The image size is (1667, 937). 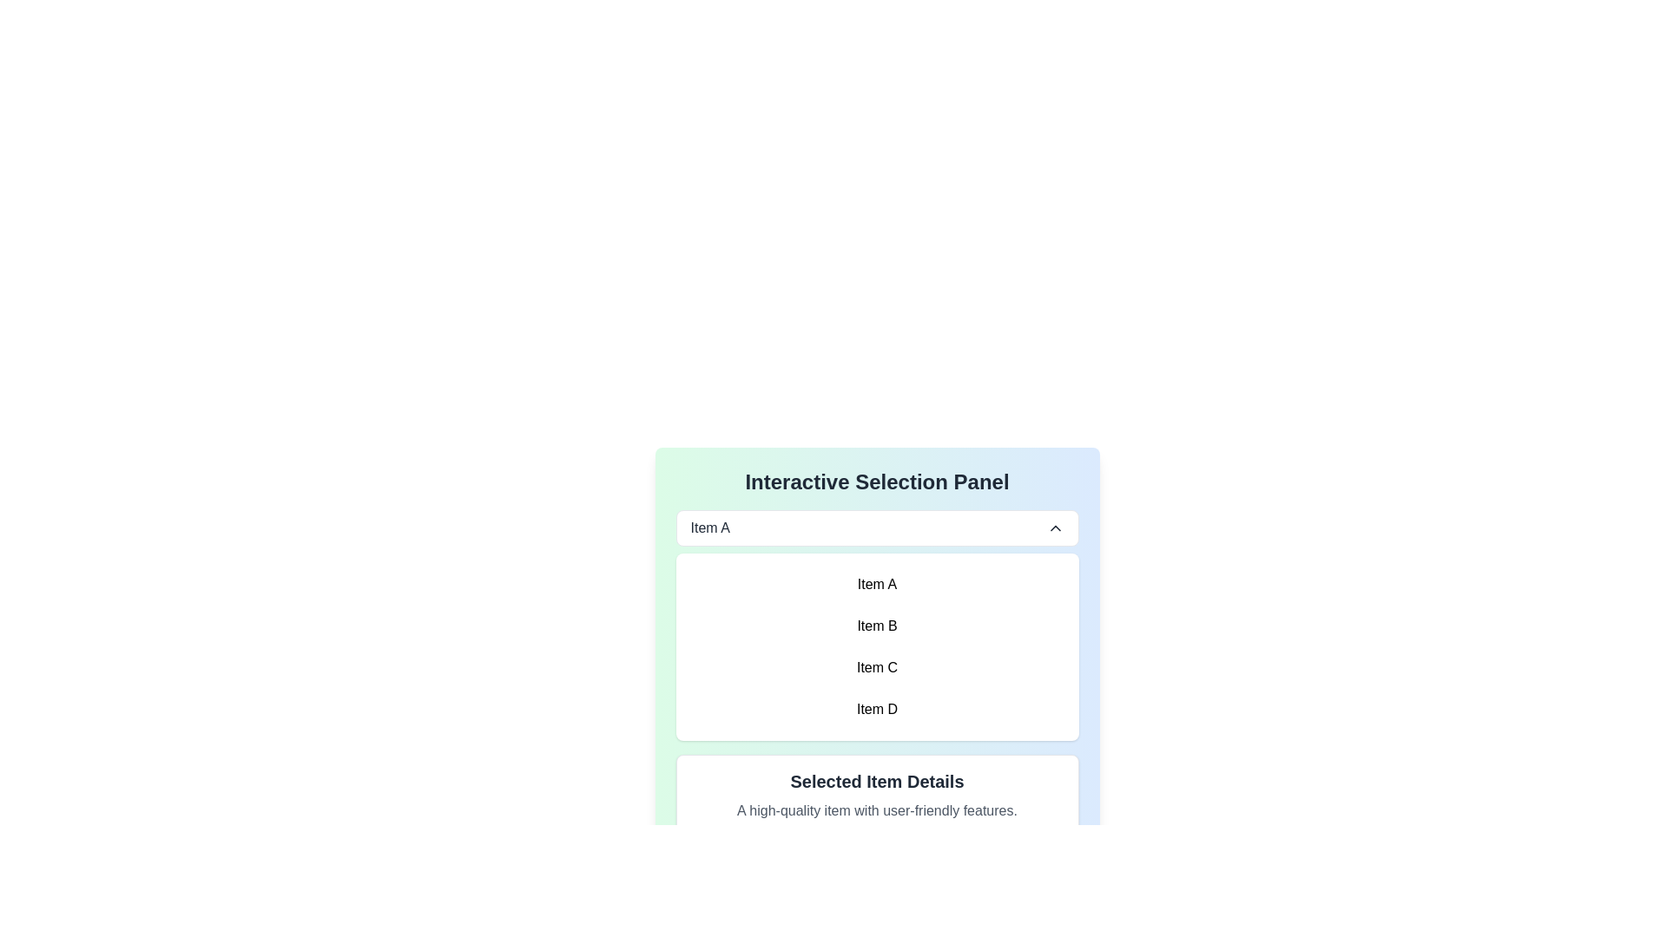 What do you see at coordinates (877, 810) in the screenshot?
I see `the textual description element that states 'A high-quality item with user-friendly features.' located beneath the title 'Selected Item Details' and above the 'Learn More' button` at bounding box center [877, 810].